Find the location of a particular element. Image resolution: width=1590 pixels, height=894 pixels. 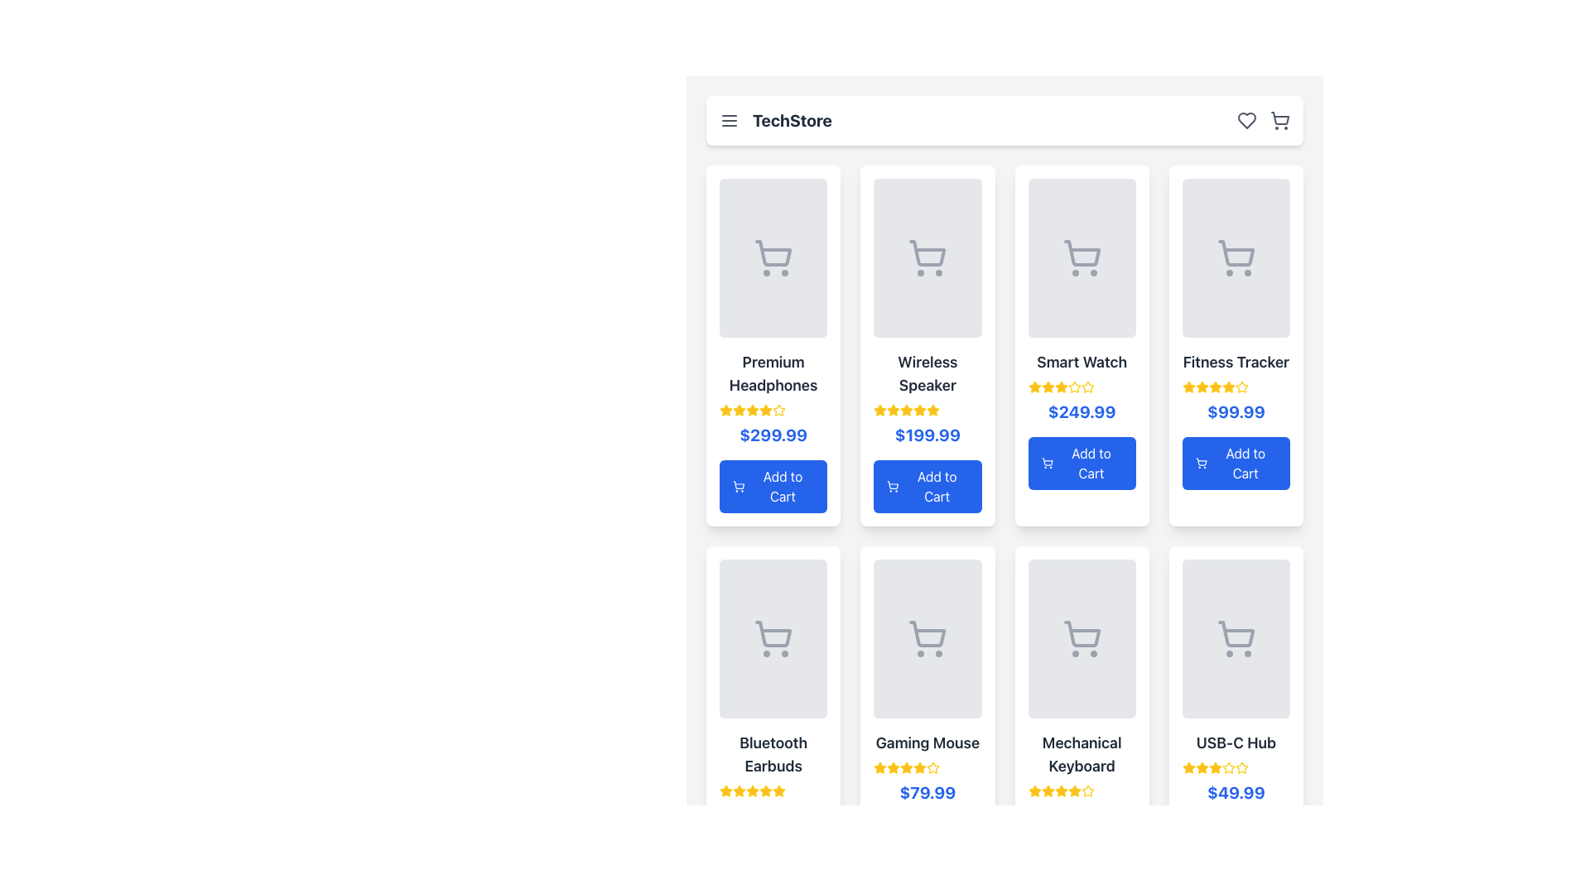

the yellow star-shaped icon, which is the third star in a series of five stars located beneath the 'Bluetooth Earbuds' card's title is located at coordinates (738, 791).